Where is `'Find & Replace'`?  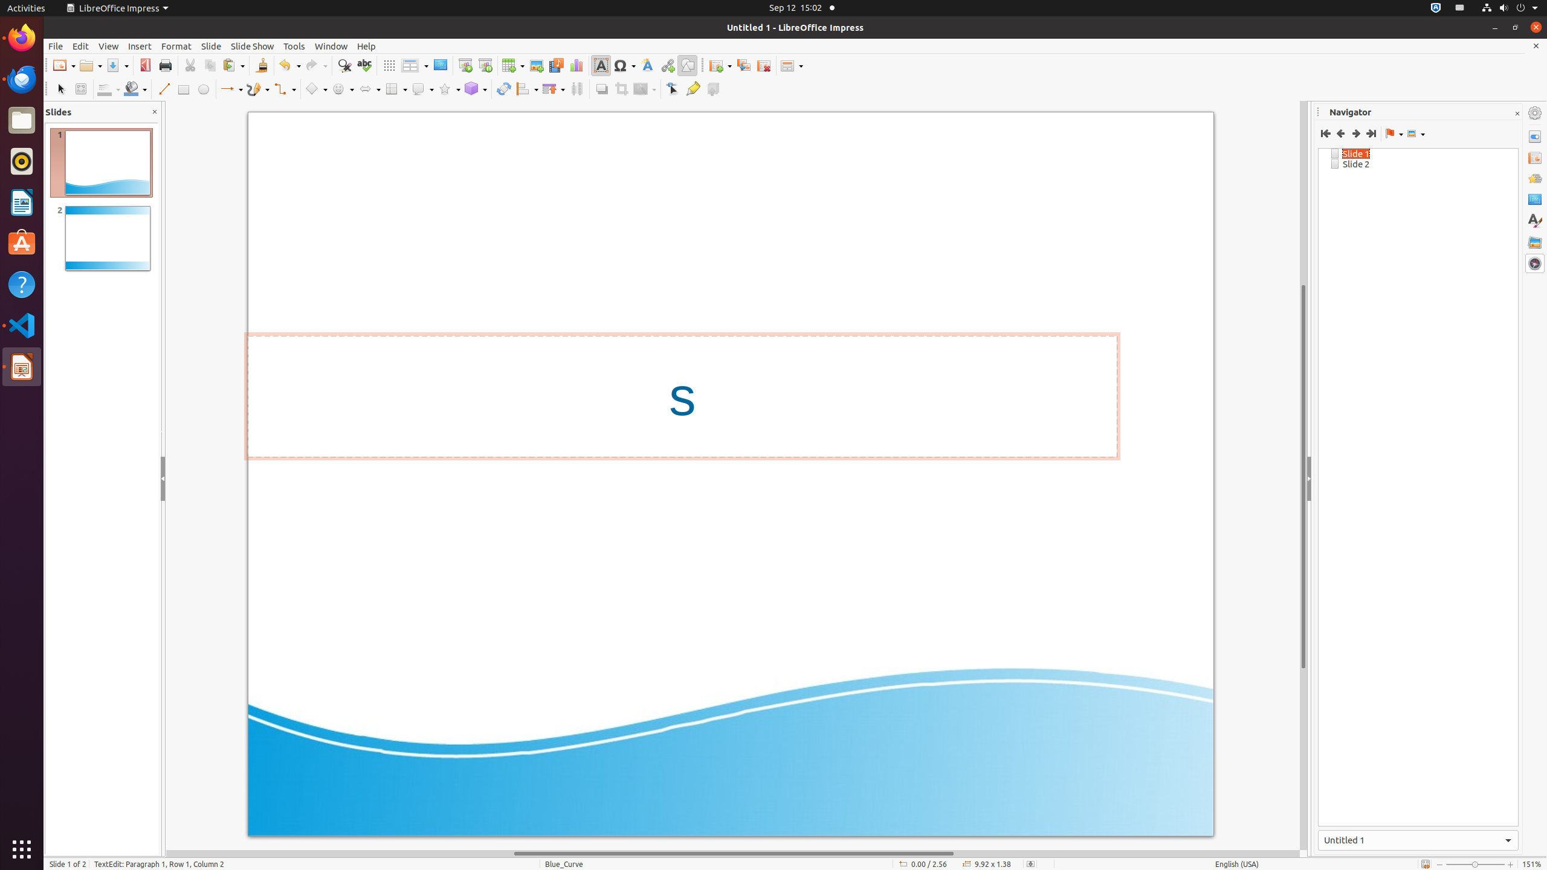 'Find & Replace' is located at coordinates (343, 65).